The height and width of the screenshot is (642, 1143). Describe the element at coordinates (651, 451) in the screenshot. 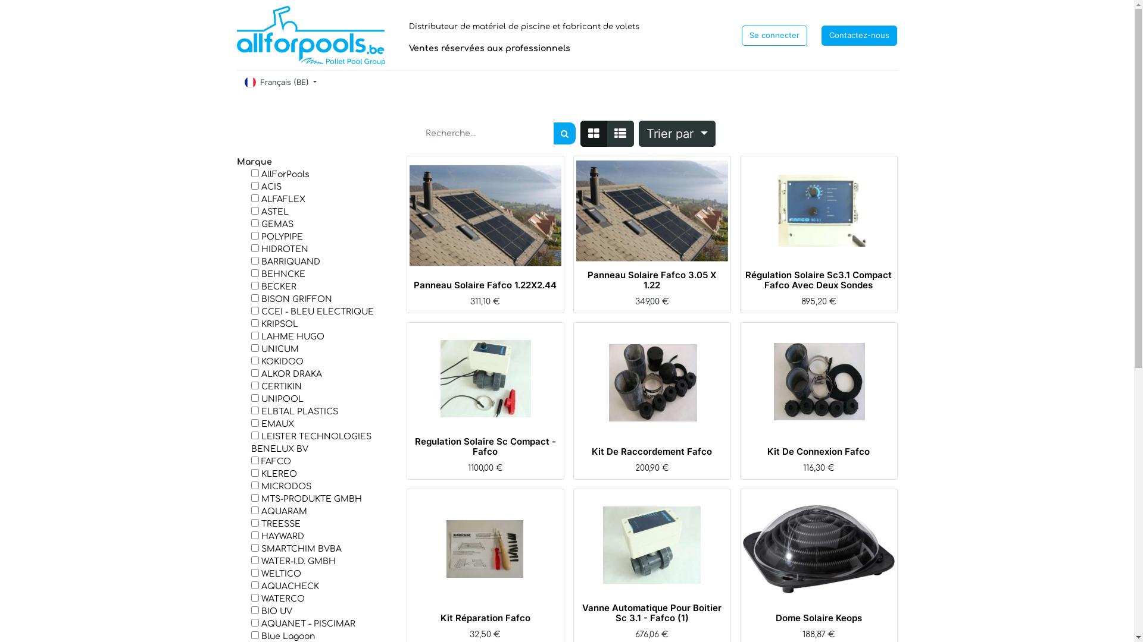

I see `'Kit De Raccordement Fafco'` at that location.